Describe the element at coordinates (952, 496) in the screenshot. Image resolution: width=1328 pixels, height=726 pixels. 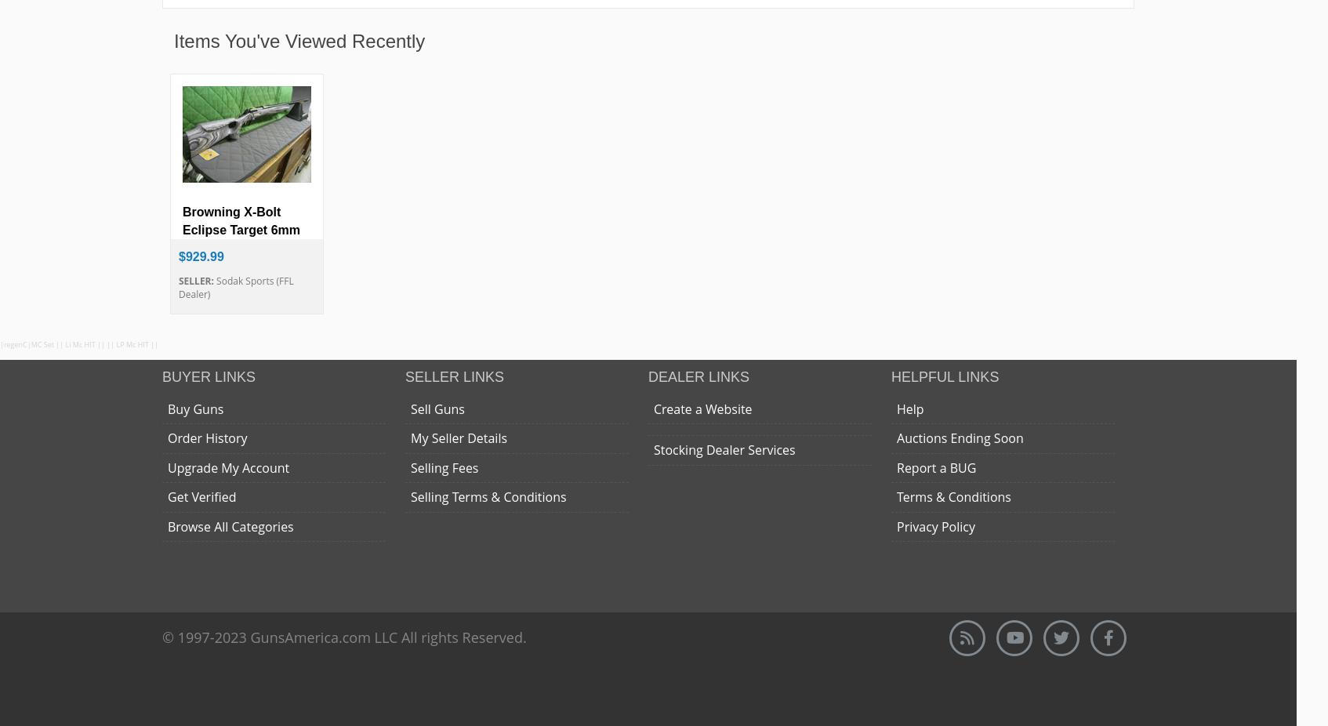
I see `'Terms & Conditions'` at that location.